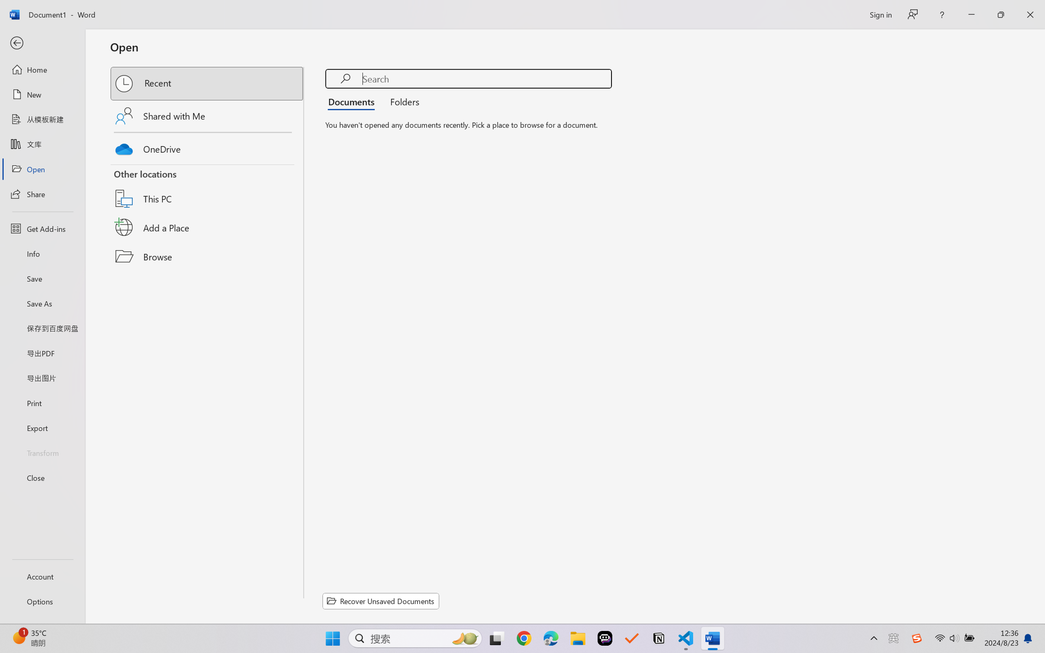 Image resolution: width=1045 pixels, height=653 pixels. What do you see at coordinates (42, 228) in the screenshot?
I see `'Get Add-ins'` at bounding box center [42, 228].